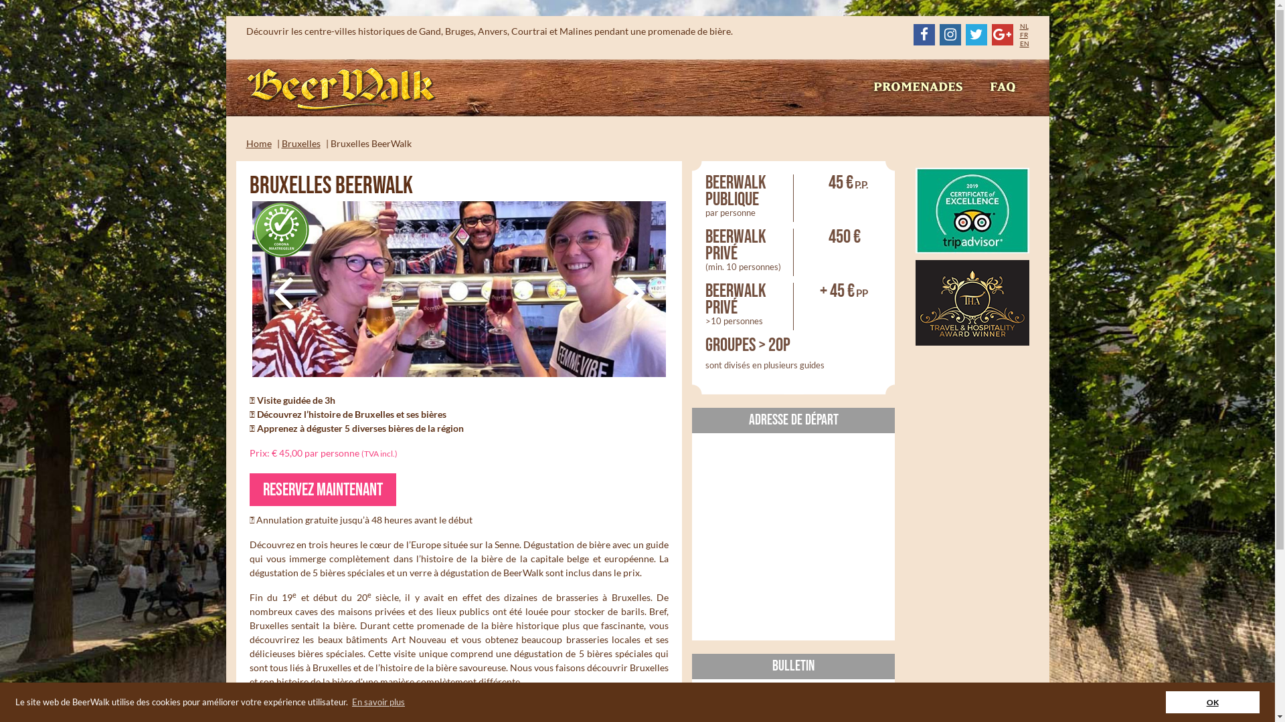 The image size is (1285, 722). Describe the element at coordinates (300, 143) in the screenshot. I see `'Bruxelles'` at that location.